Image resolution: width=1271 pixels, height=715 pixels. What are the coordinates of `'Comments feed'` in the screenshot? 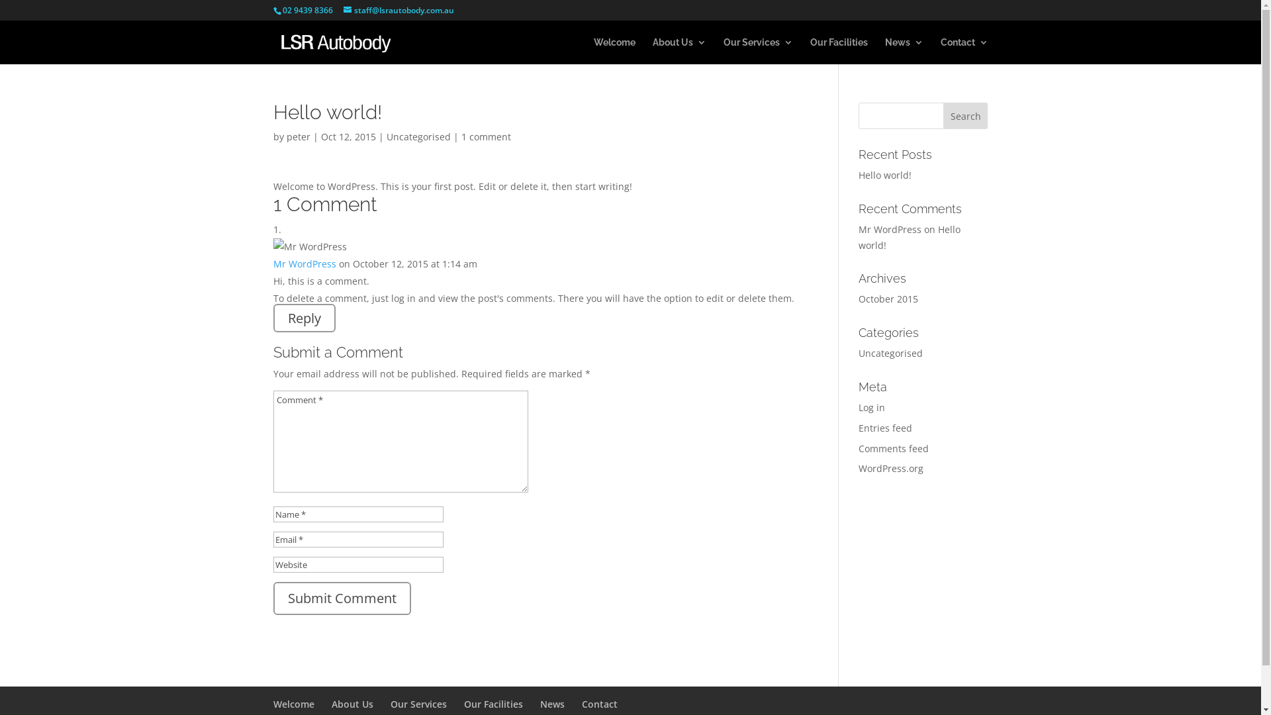 It's located at (893, 448).